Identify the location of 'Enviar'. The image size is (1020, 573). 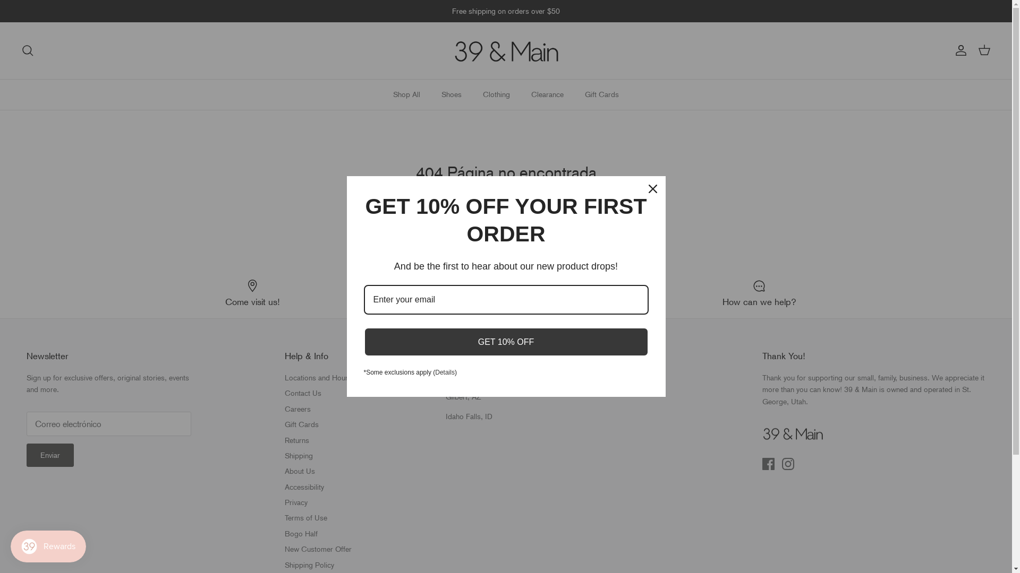
(49, 454).